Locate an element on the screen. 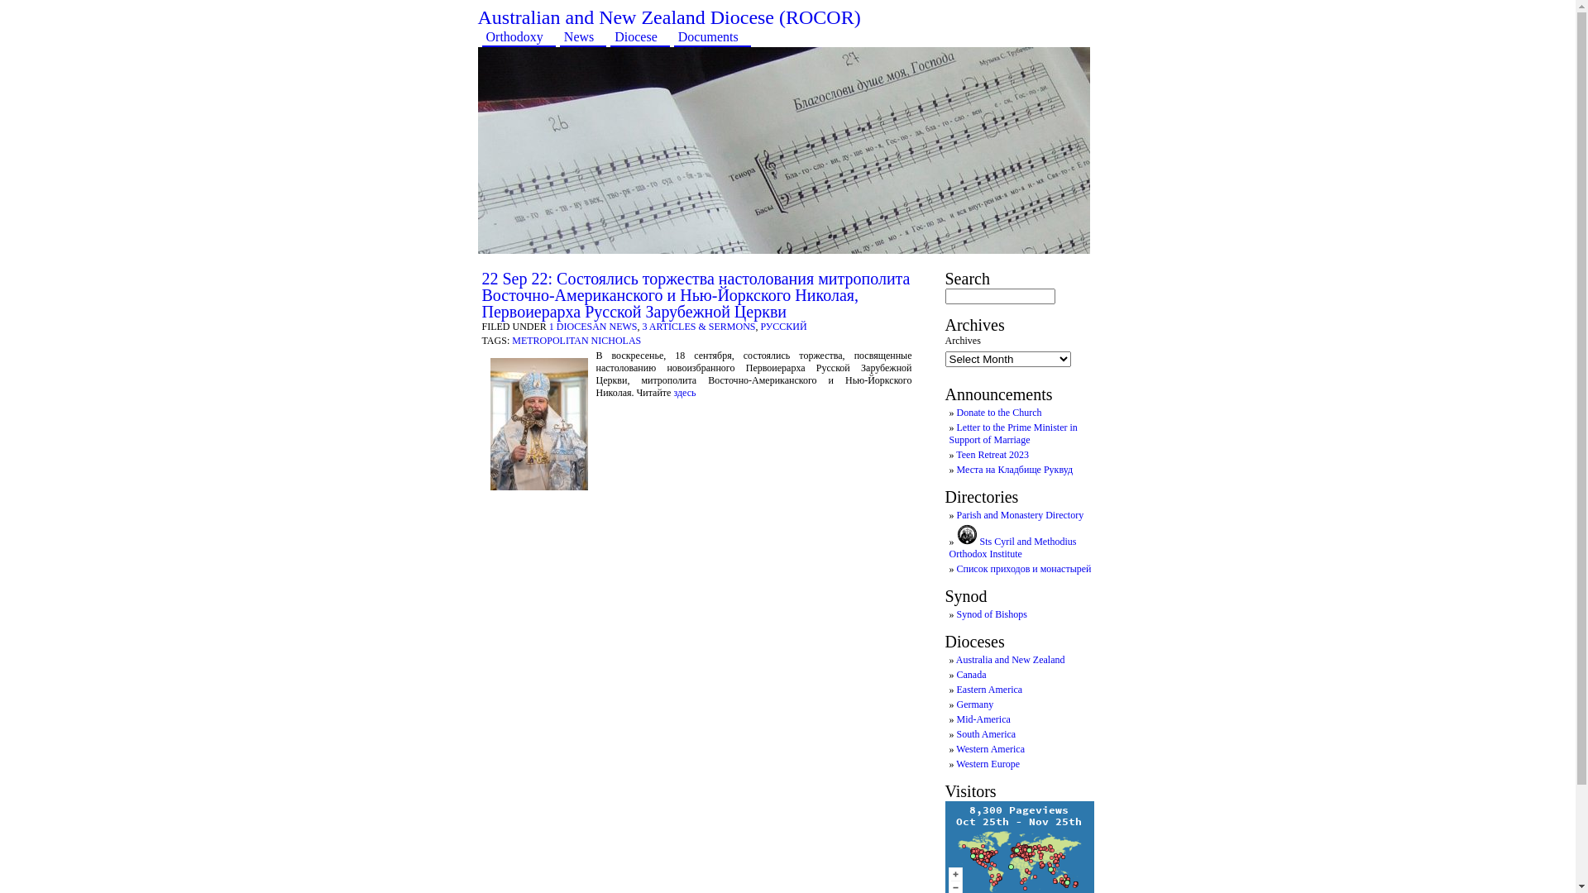 The height and width of the screenshot is (893, 1588). 'Western America' is located at coordinates (990, 749).